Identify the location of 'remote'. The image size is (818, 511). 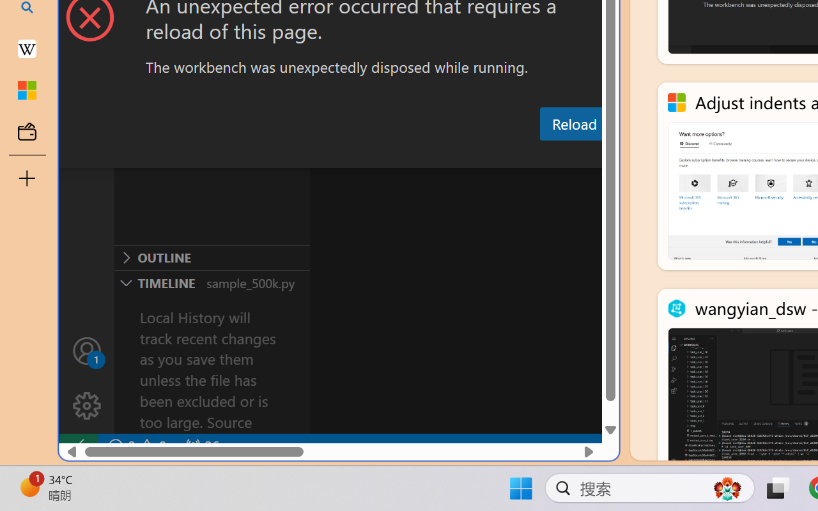
(77, 446).